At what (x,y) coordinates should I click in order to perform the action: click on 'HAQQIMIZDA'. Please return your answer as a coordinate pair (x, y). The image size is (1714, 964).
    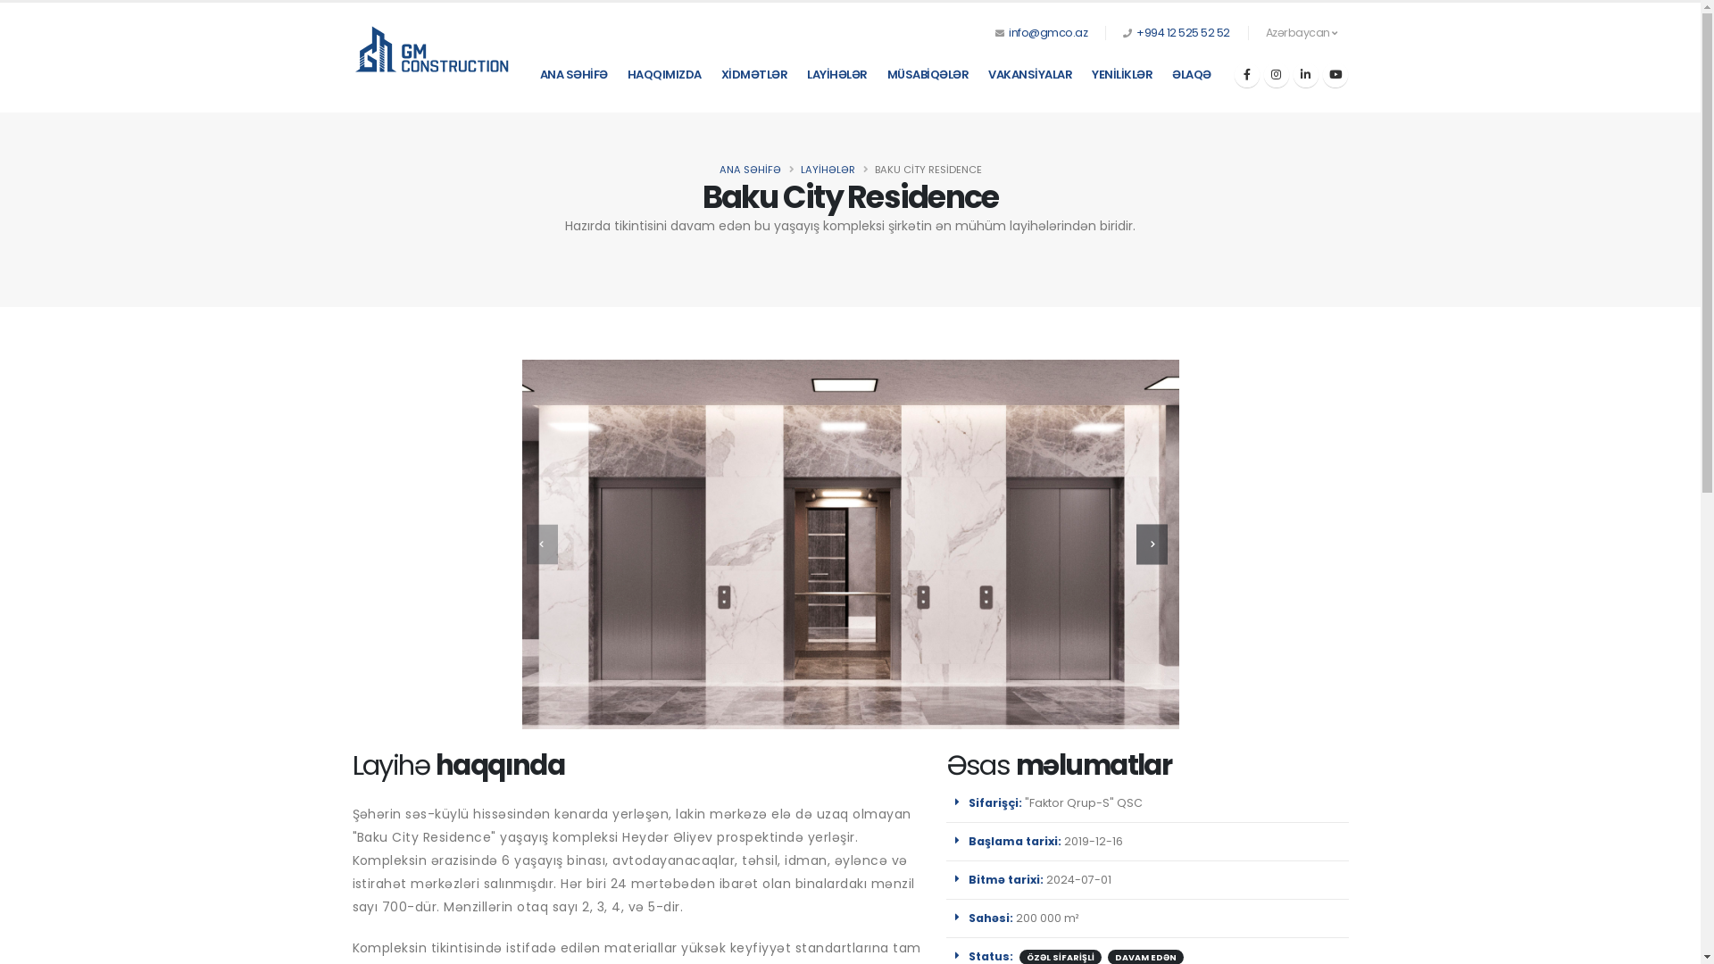
    Looking at the image, I should click on (662, 74).